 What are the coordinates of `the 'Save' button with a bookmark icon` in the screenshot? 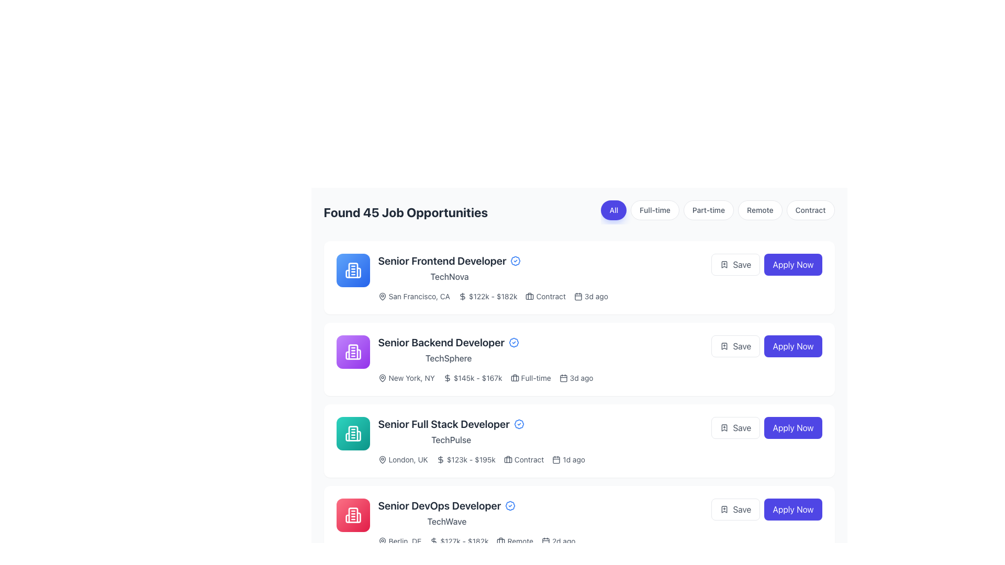 It's located at (735, 509).